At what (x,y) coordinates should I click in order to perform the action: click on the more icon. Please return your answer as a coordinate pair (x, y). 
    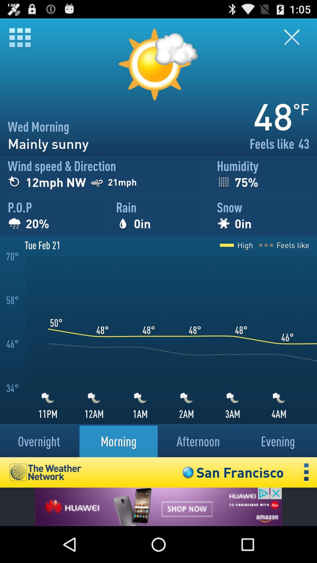
    Looking at the image, I should click on (306, 505).